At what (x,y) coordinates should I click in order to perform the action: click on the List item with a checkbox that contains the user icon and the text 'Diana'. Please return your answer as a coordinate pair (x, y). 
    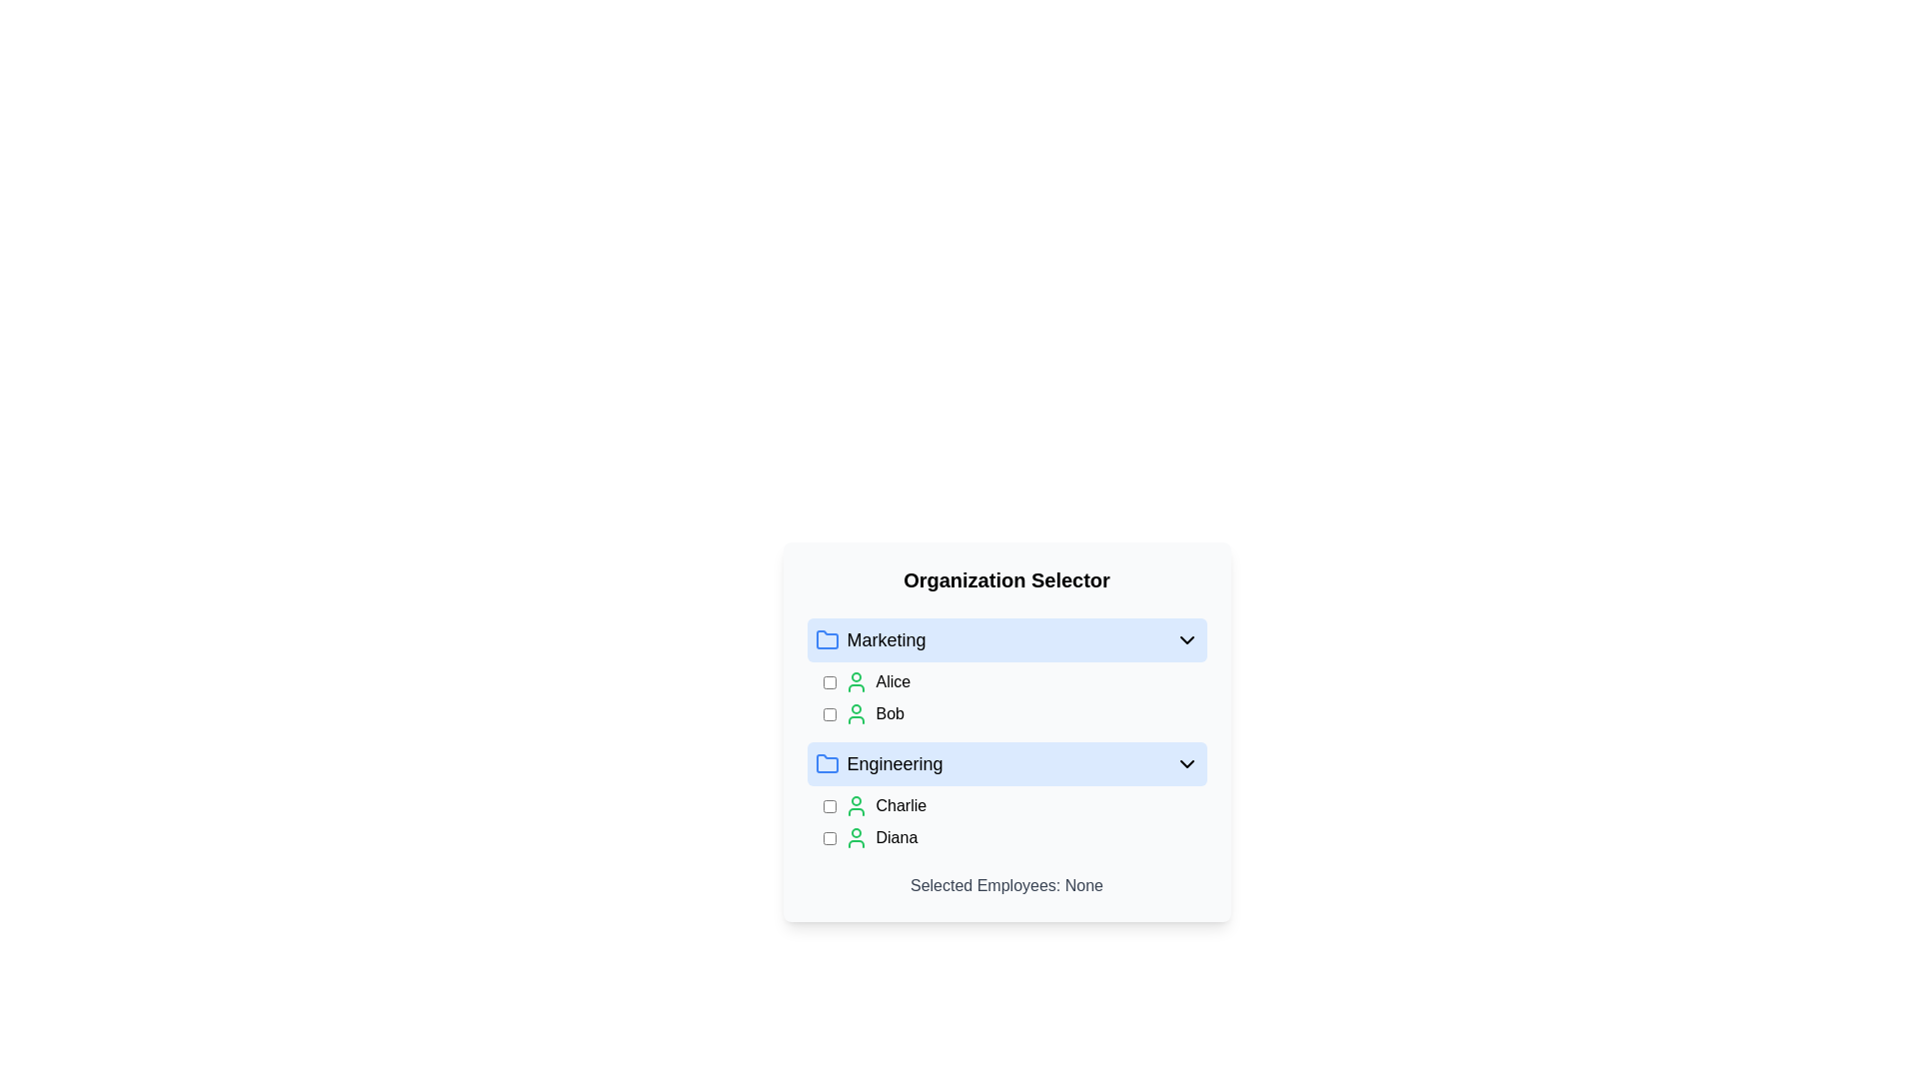
    Looking at the image, I should click on (1014, 838).